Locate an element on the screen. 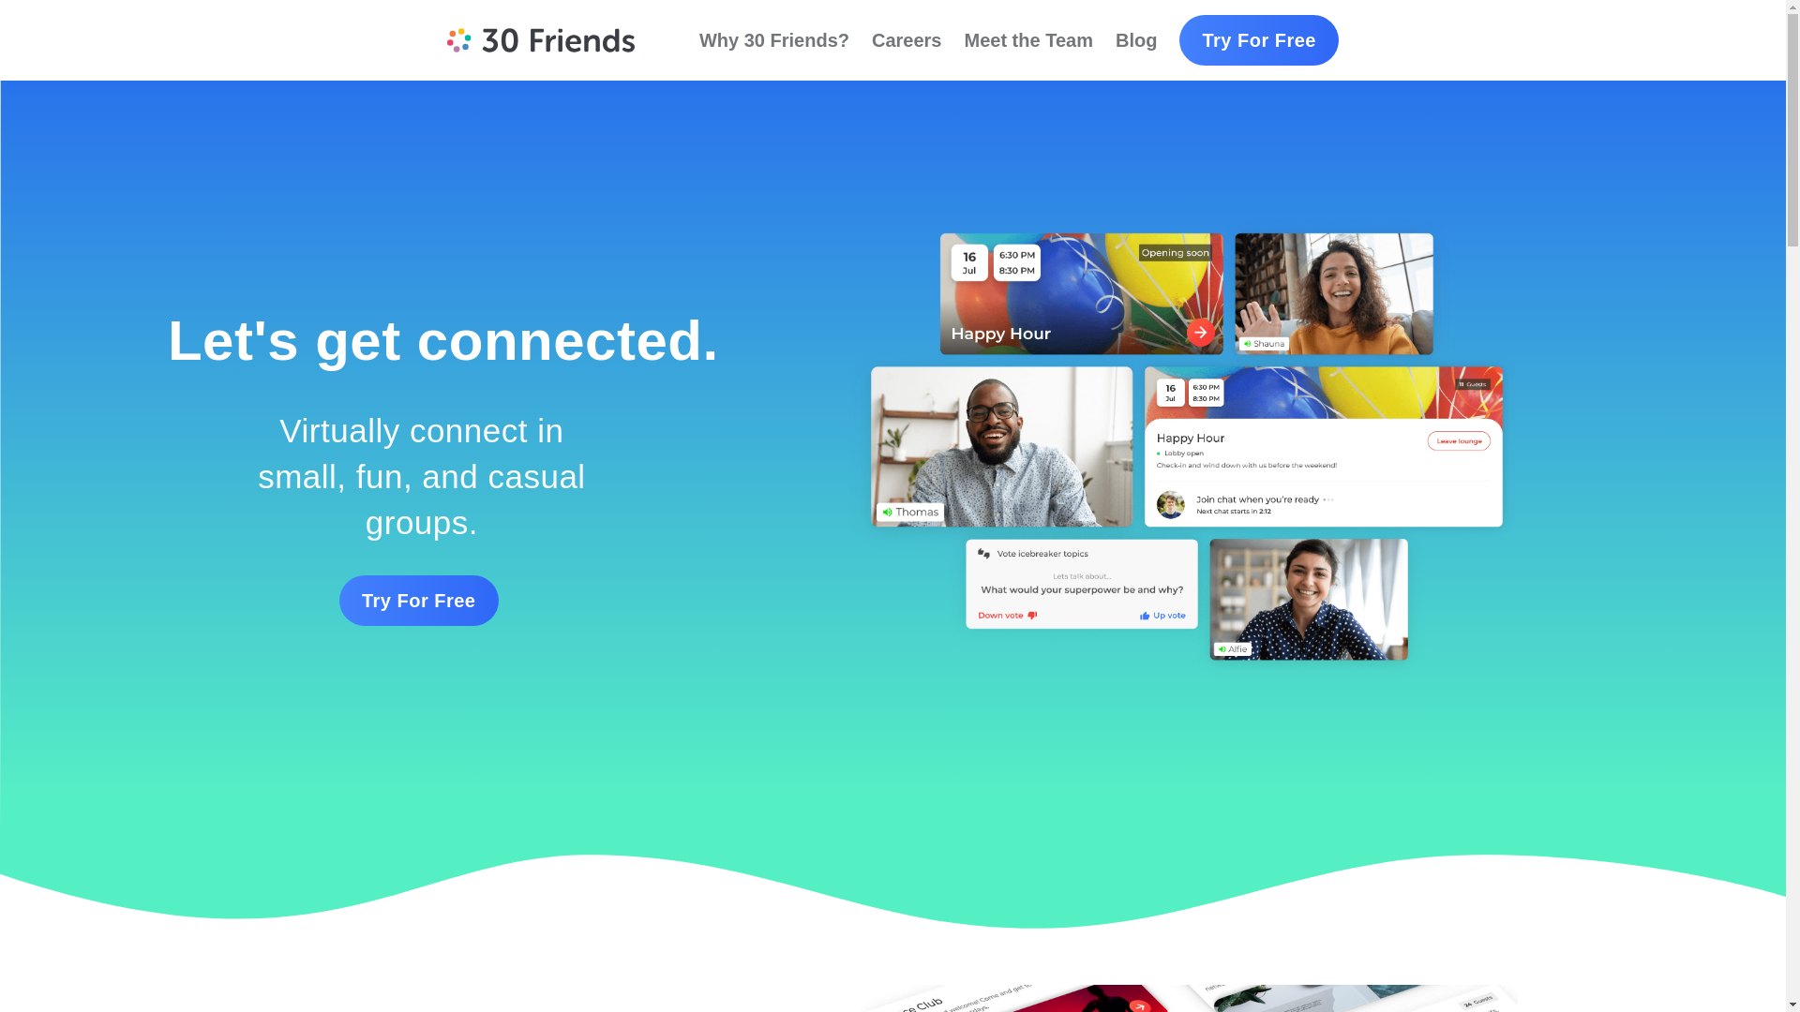  'Blog' is located at coordinates (1134, 39).